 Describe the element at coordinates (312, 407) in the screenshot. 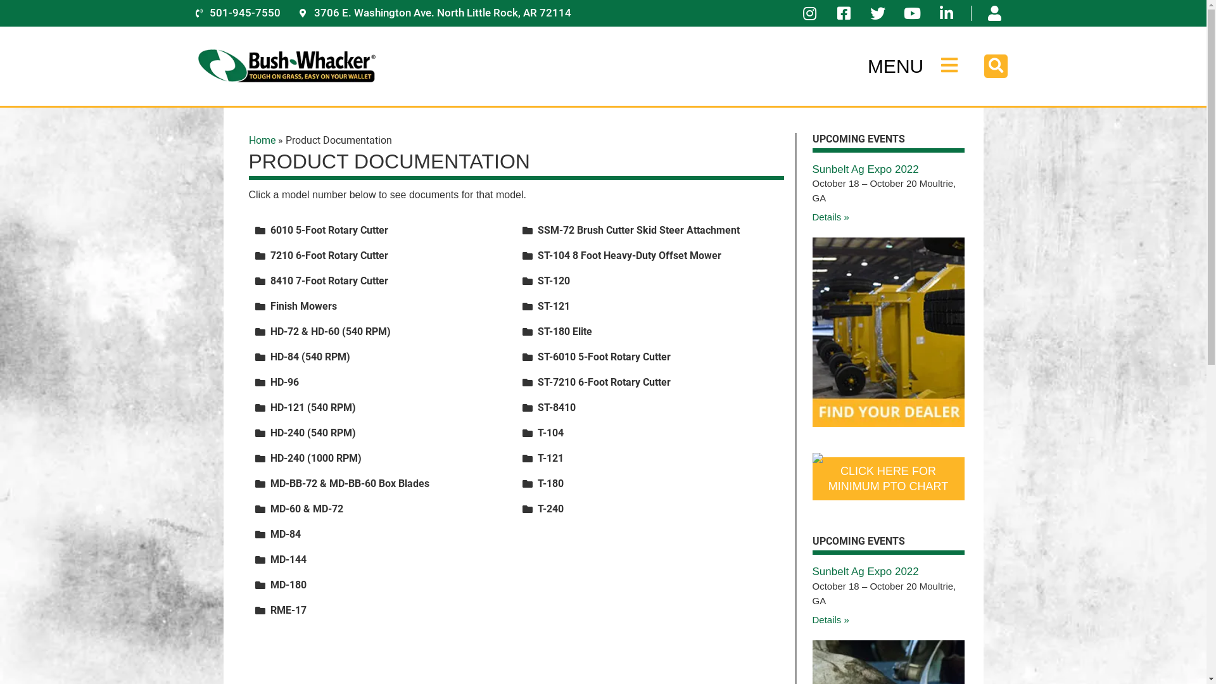

I see `'HD-121 (540 RPM)'` at that location.